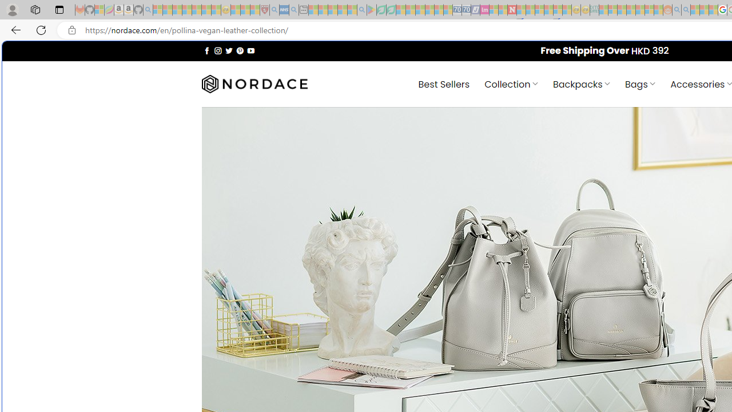 The width and height of the screenshot is (732, 412). I want to click on '  Best Sellers', so click(443, 83).